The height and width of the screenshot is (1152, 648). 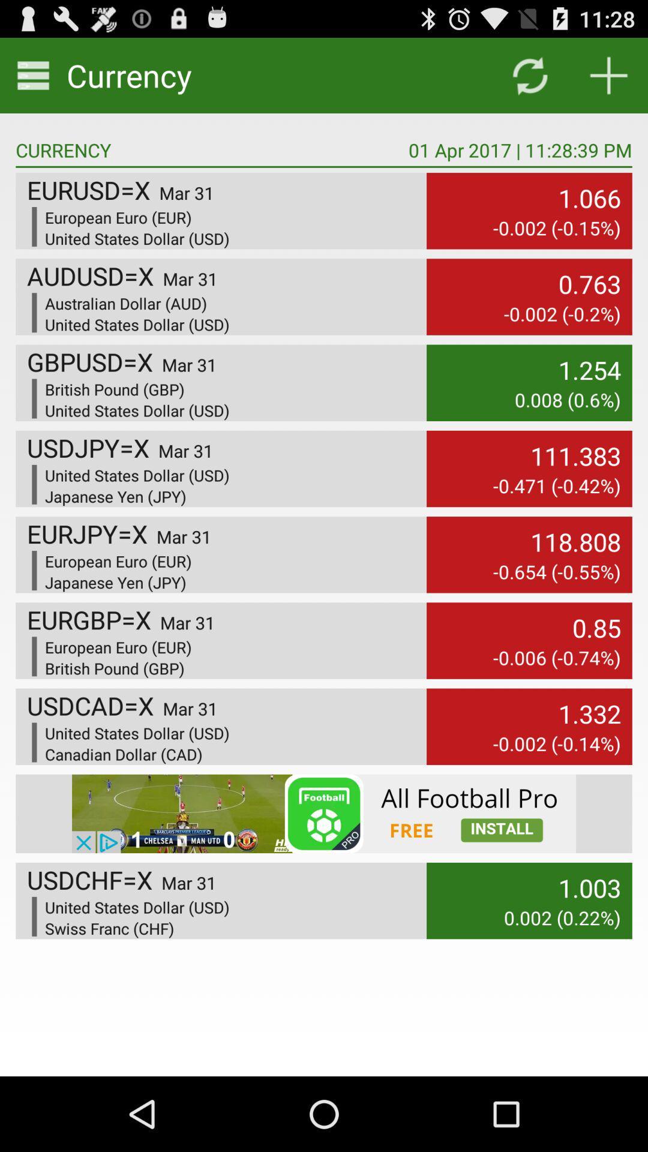 What do you see at coordinates (33, 74) in the screenshot?
I see `the icon at the top left of the page` at bounding box center [33, 74].